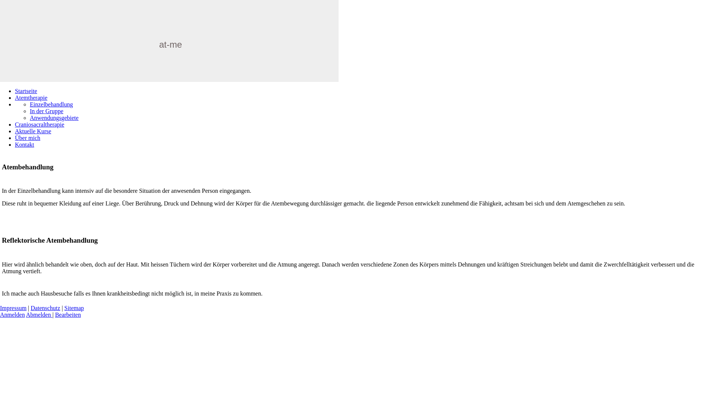  I want to click on 'Bearbeiten', so click(68, 315).